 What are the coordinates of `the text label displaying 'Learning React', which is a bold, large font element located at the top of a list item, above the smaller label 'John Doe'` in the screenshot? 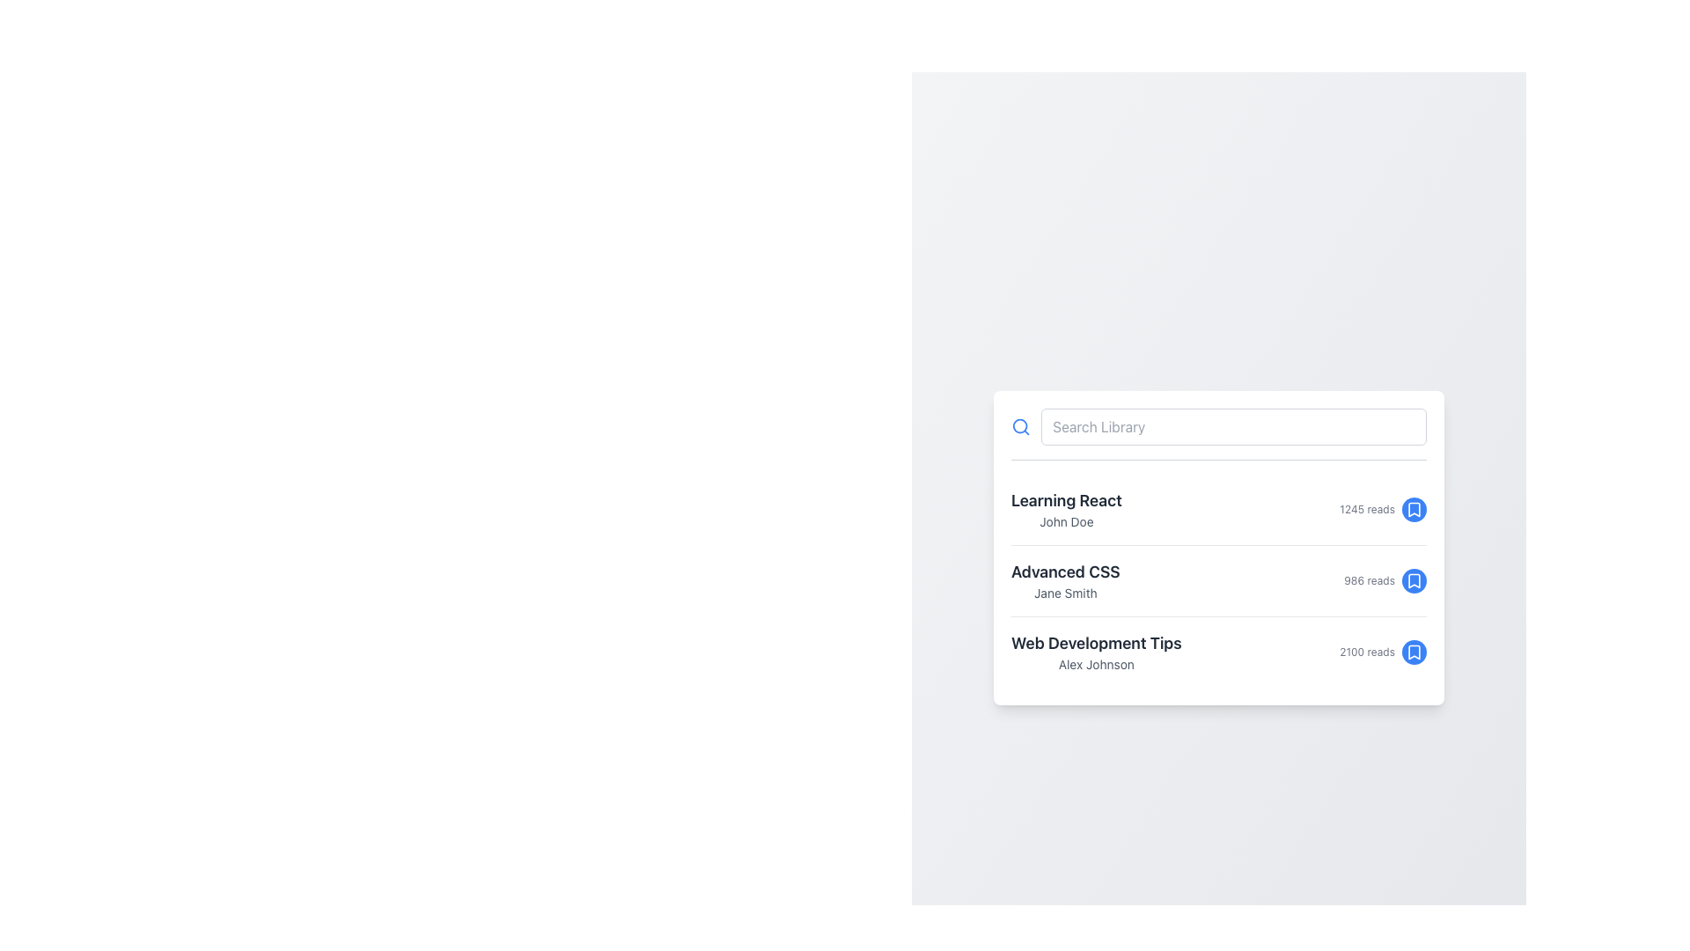 It's located at (1065, 500).